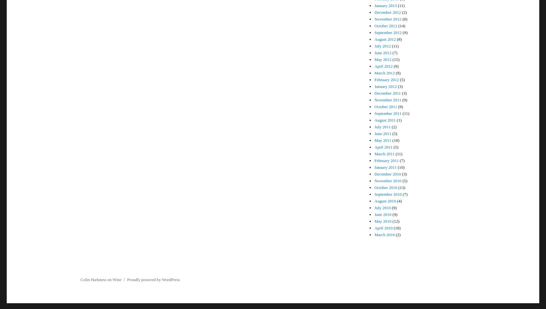 The image size is (546, 309). Describe the element at coordinates (383, 147) in the screenshot. I see `'April 2011'` at that location.